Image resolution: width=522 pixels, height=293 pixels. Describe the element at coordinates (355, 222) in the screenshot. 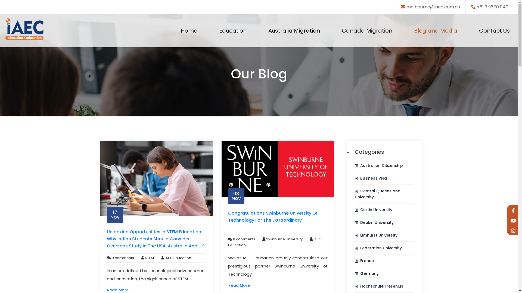

I see `'Deakin University'` at that location.